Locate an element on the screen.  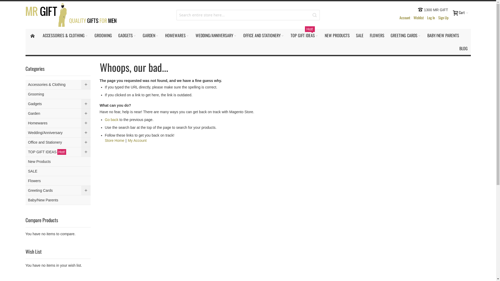
'Log In' is located at coordinates (431, 17).